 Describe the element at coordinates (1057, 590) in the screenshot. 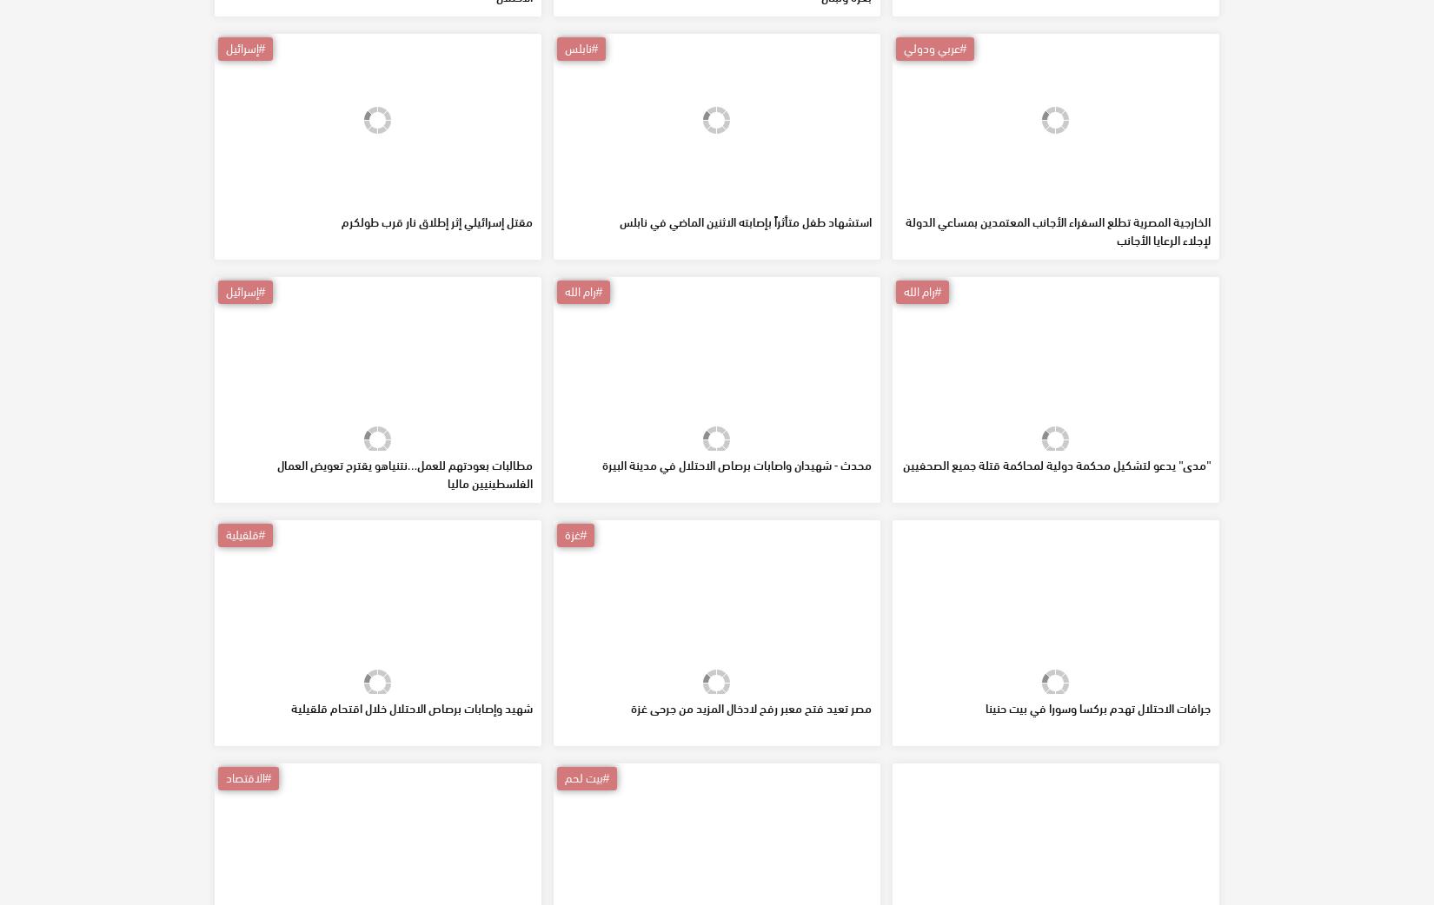

I see `'"مدى" يدعو لتشكيل محكمة دولية لمحاكمة قتلة جميع الصحفيين'` at that location.